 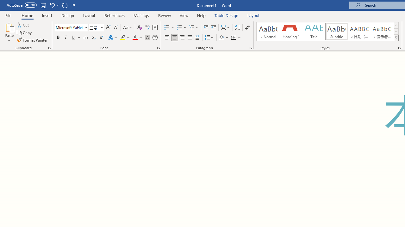 What do you see at coordinates (137, 38) in the screenshot?
I see `'Font Color'` at bounding box center [137, 38].